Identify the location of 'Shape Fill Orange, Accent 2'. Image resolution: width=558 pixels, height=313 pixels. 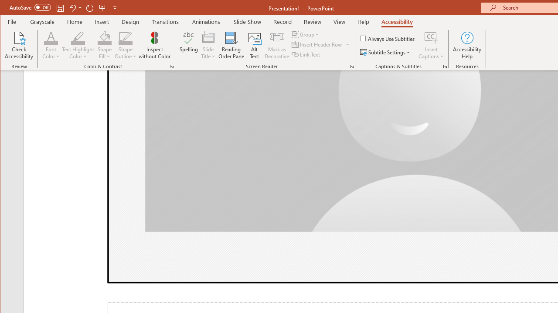
(105, 37).